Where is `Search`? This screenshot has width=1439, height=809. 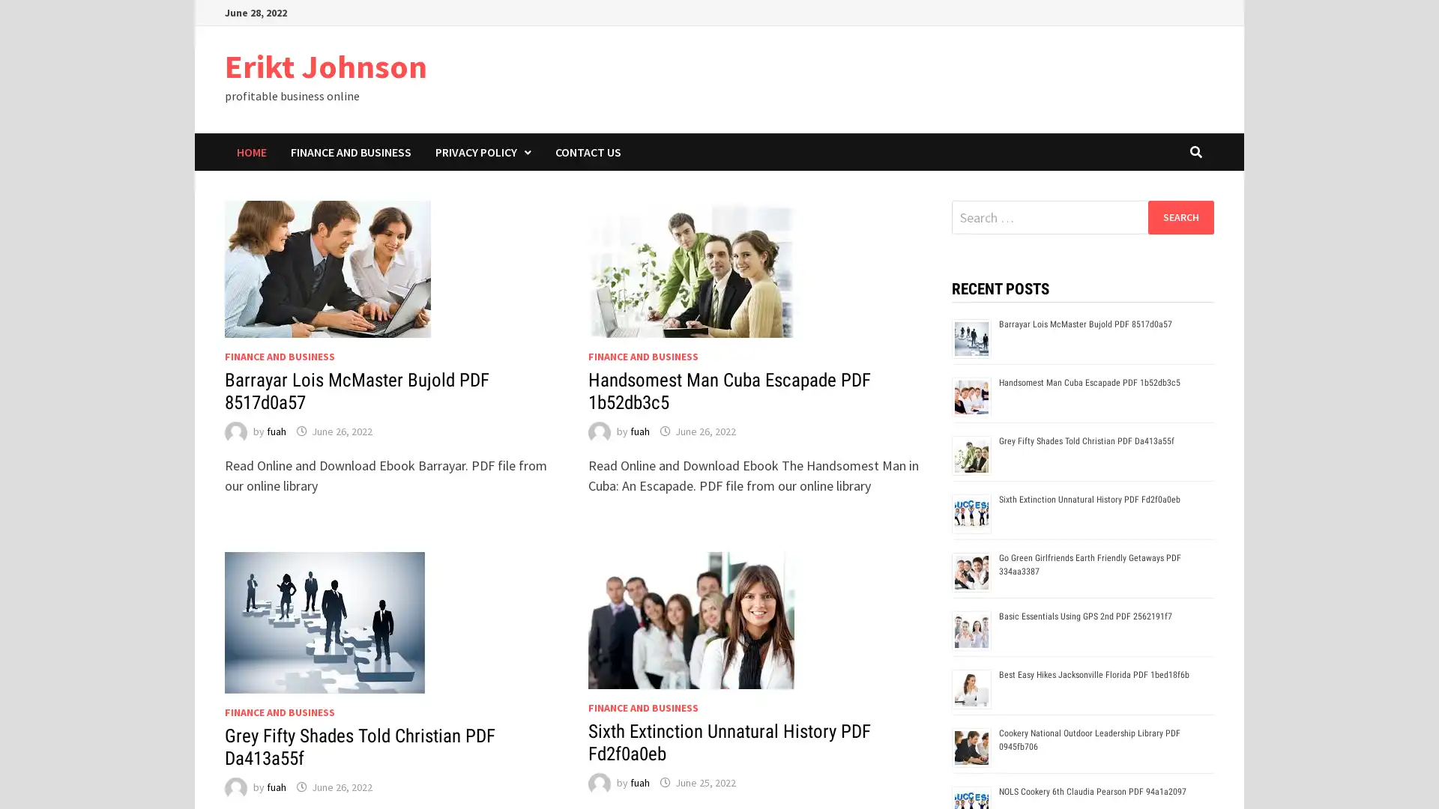 Search is located at coordinates (1180, 216).